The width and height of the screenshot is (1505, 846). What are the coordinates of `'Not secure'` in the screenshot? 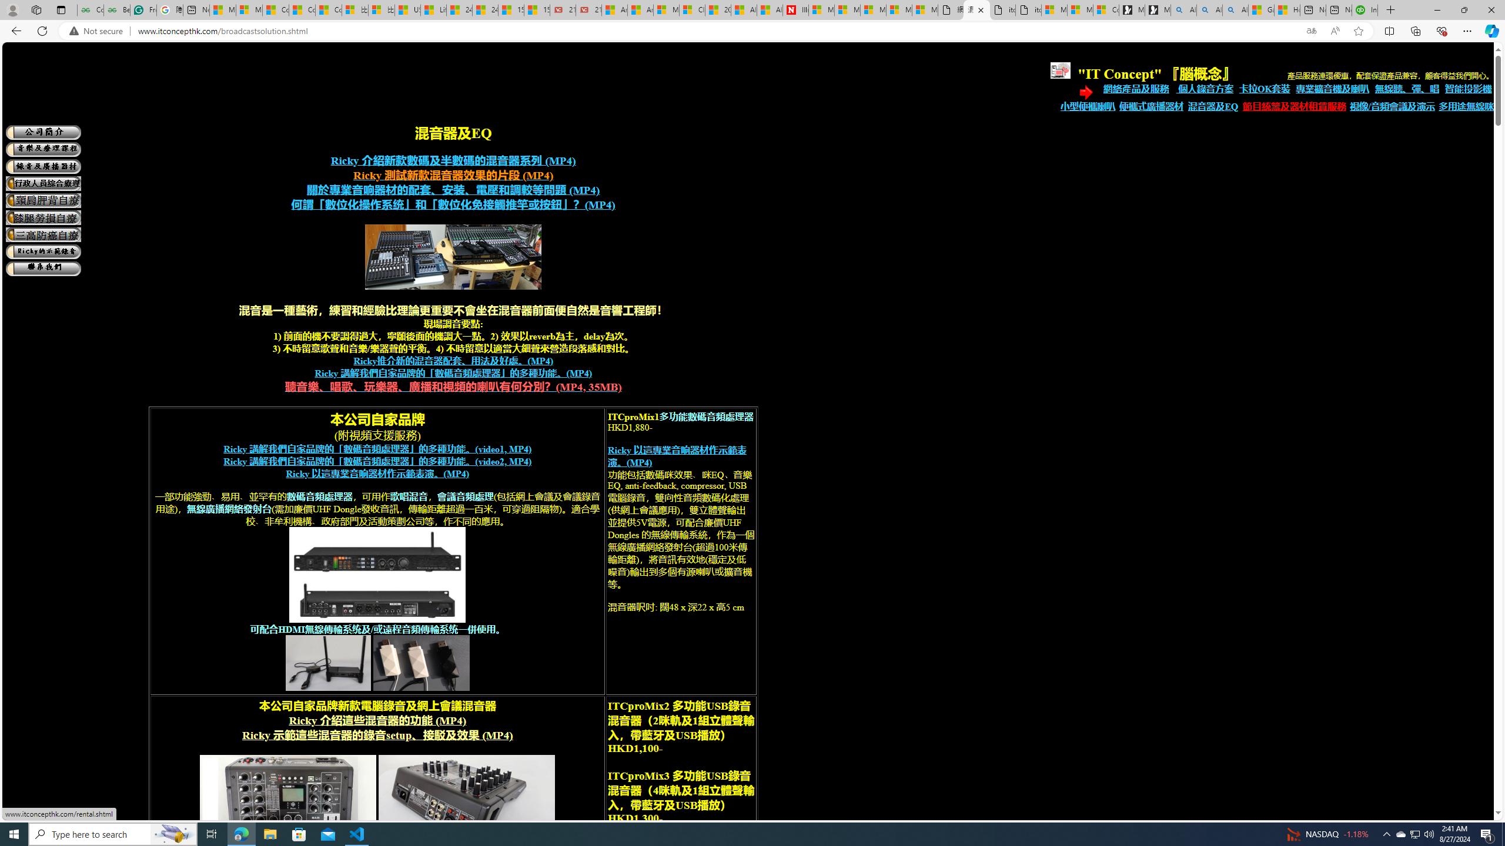 It's located at (98, 31).